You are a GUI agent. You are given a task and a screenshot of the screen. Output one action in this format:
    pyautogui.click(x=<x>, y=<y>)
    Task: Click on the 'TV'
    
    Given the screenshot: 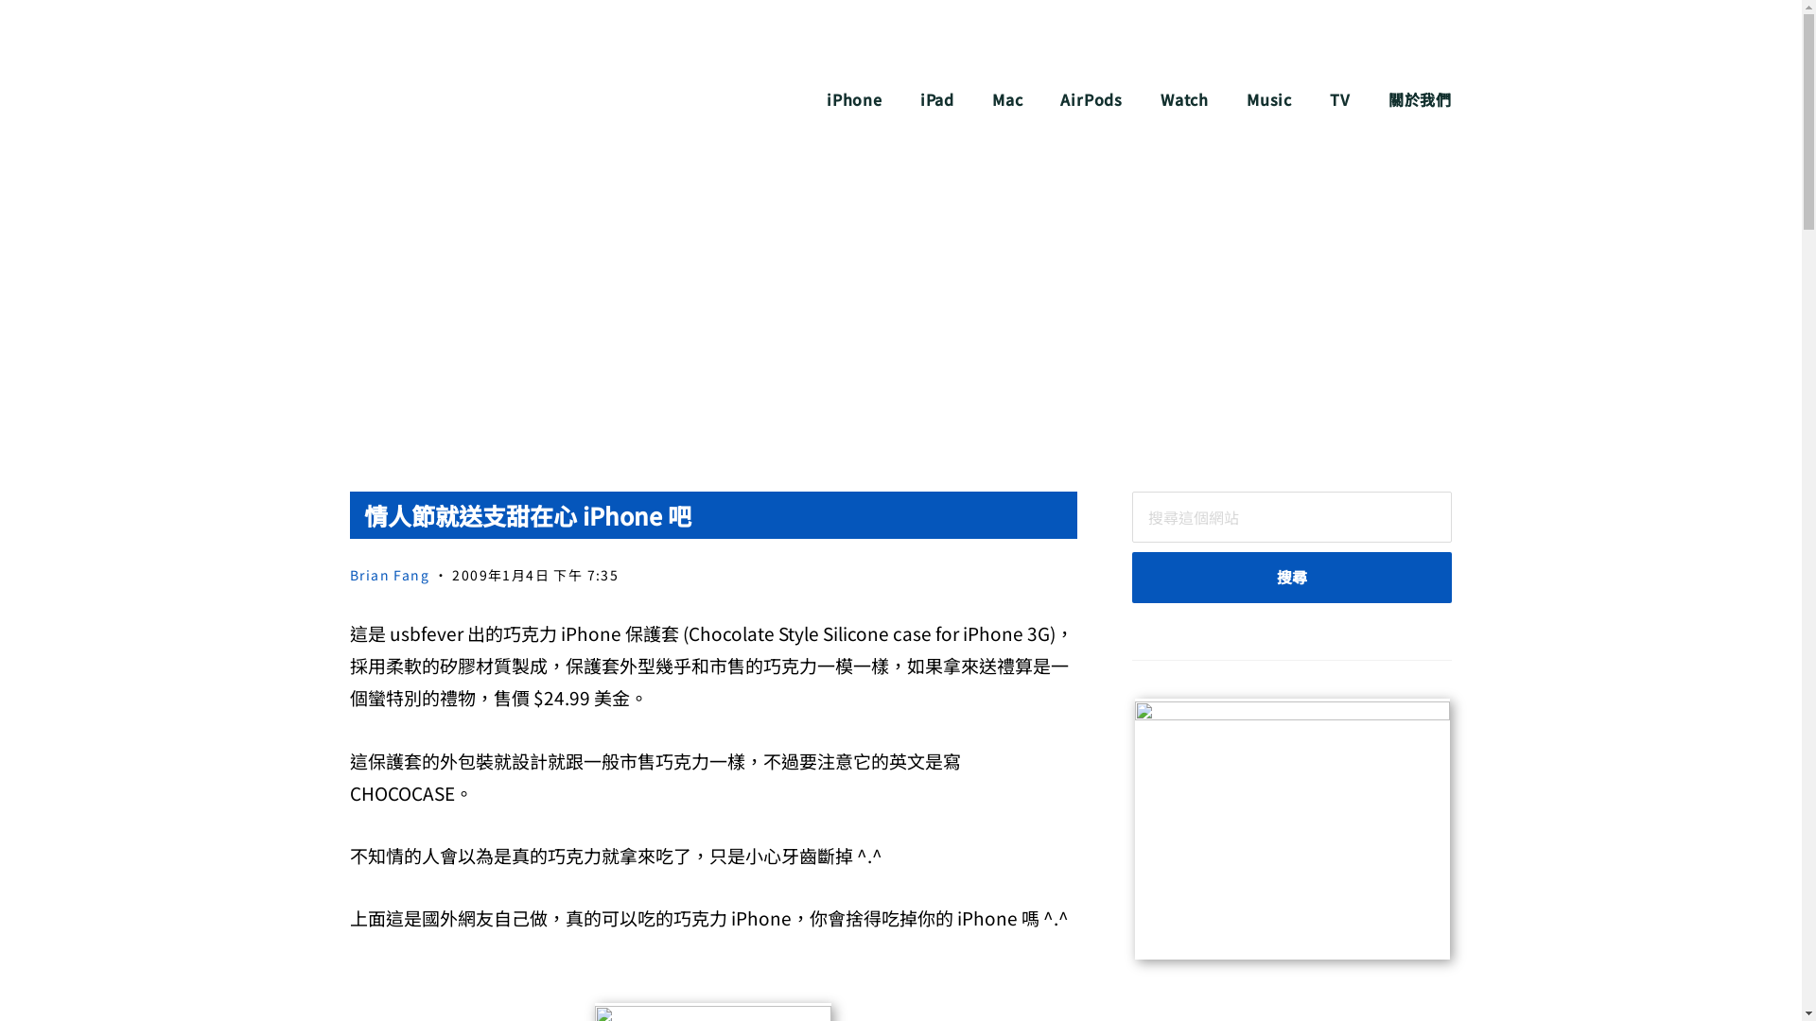 What is the action you would take?
    pyautogui.click(x=1338, y=99)
    